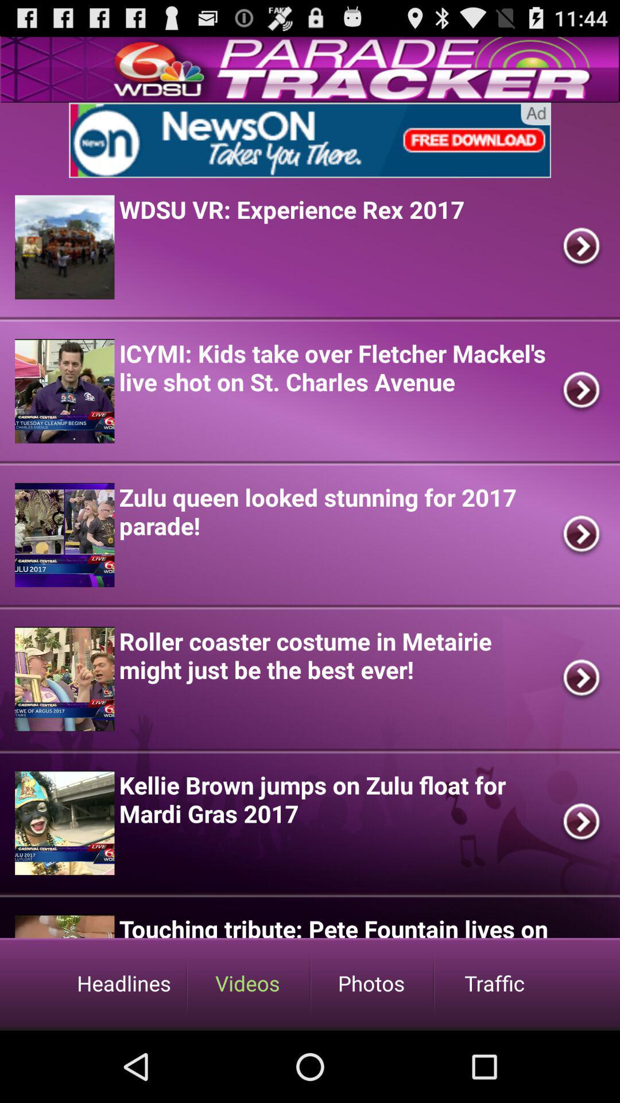 The width and height of the screenshot is (620, 1103). What do you see at coordinates (310, 140) in the screenshot?
I see `interact with advertisement` at bounding box center [310, 140].